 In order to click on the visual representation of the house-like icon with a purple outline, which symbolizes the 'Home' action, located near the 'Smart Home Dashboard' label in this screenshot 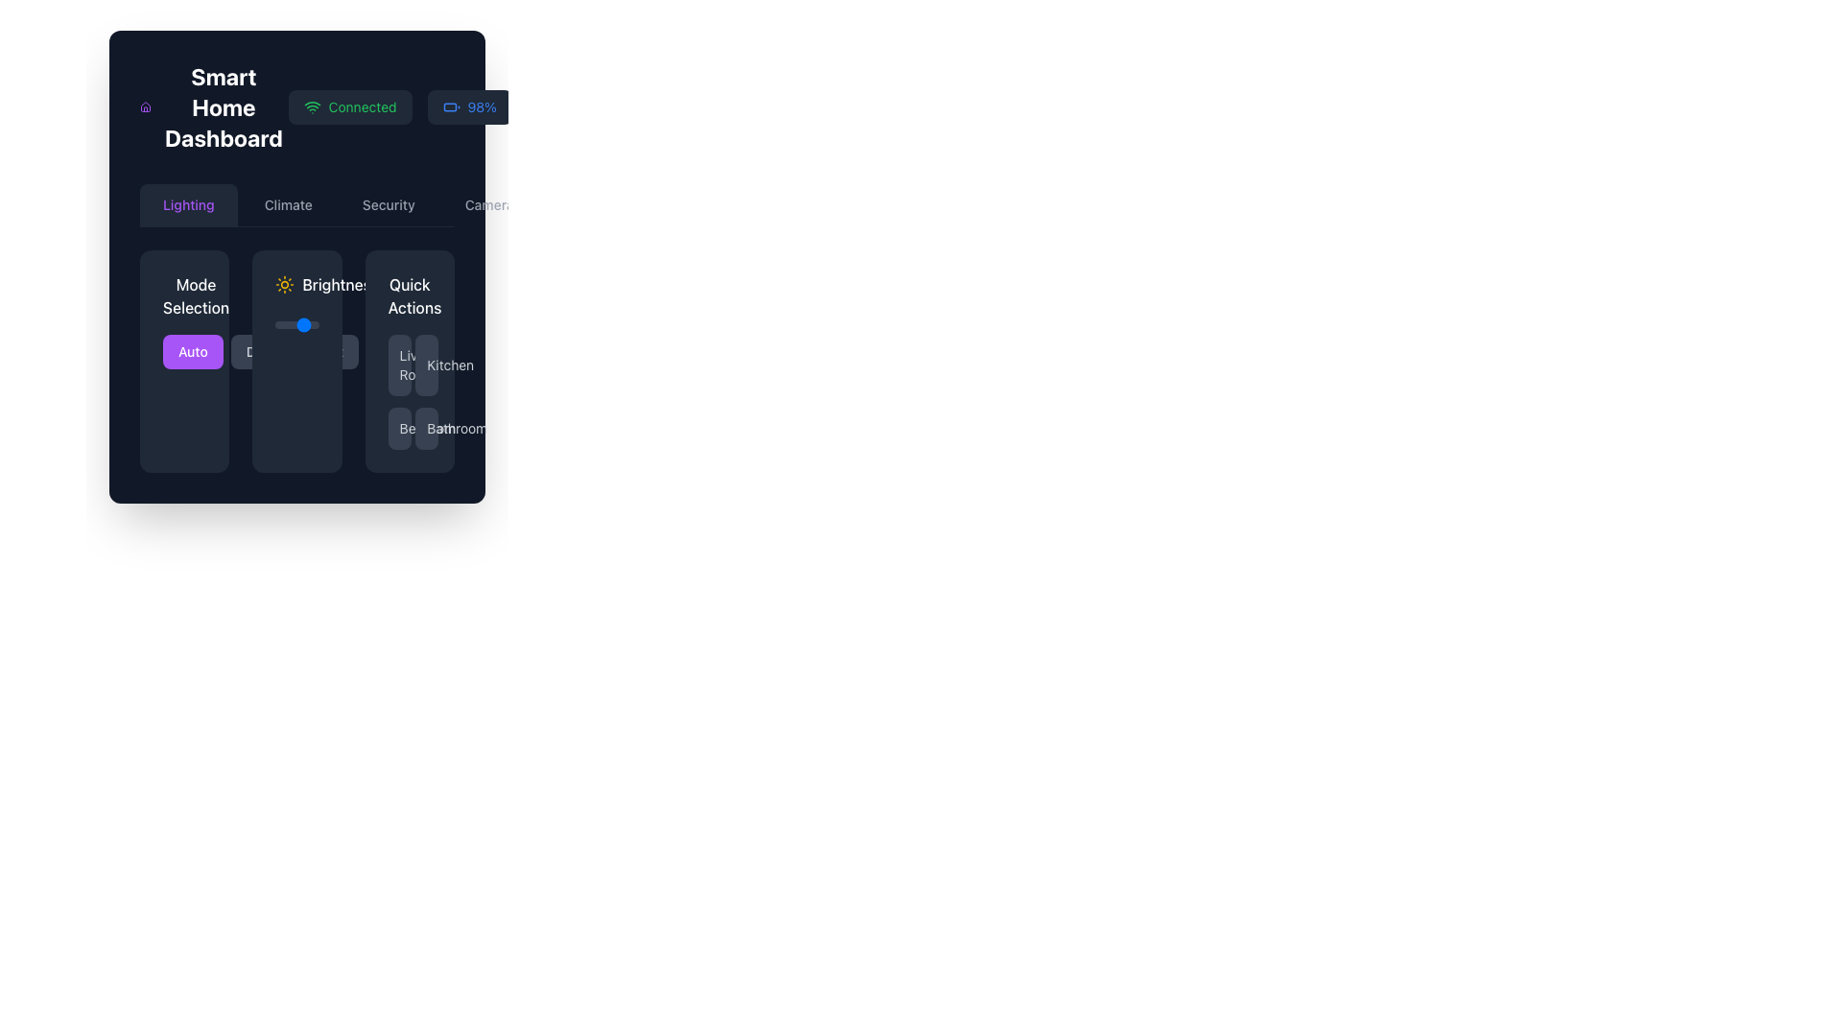, I will do `click(145, 106)`.